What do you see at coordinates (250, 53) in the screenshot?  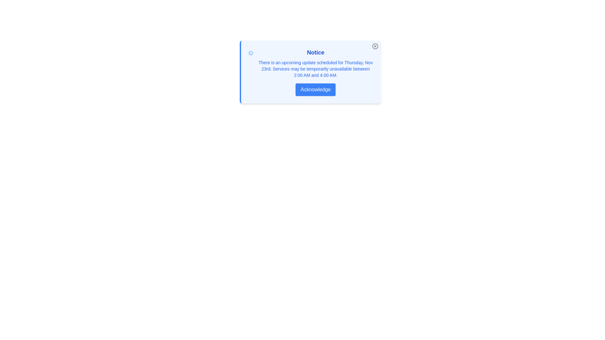 I see `the blue circular icon with an outlined border located at the top-left of the notification card, adjacent to the 'Notice' heading` at bounding box center [250, 53].